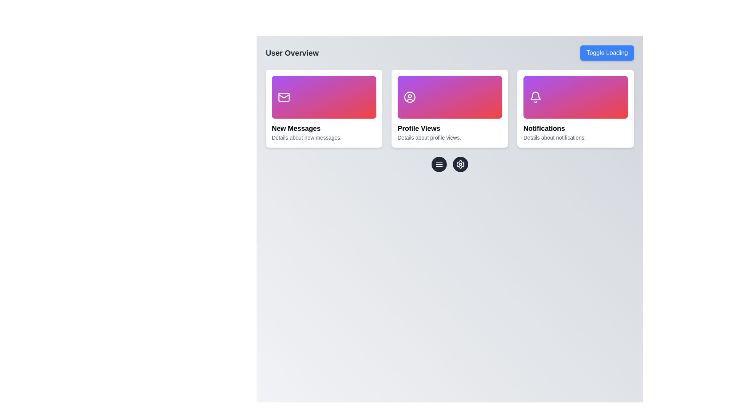  What do you see at coordinates (283, 97) in the screenshot?
I see `the Icon-like rectangle with a purple gradient background that is centered above the 'New Messages' text in the upper-left card of the interface` at bounding box center [283, 97].